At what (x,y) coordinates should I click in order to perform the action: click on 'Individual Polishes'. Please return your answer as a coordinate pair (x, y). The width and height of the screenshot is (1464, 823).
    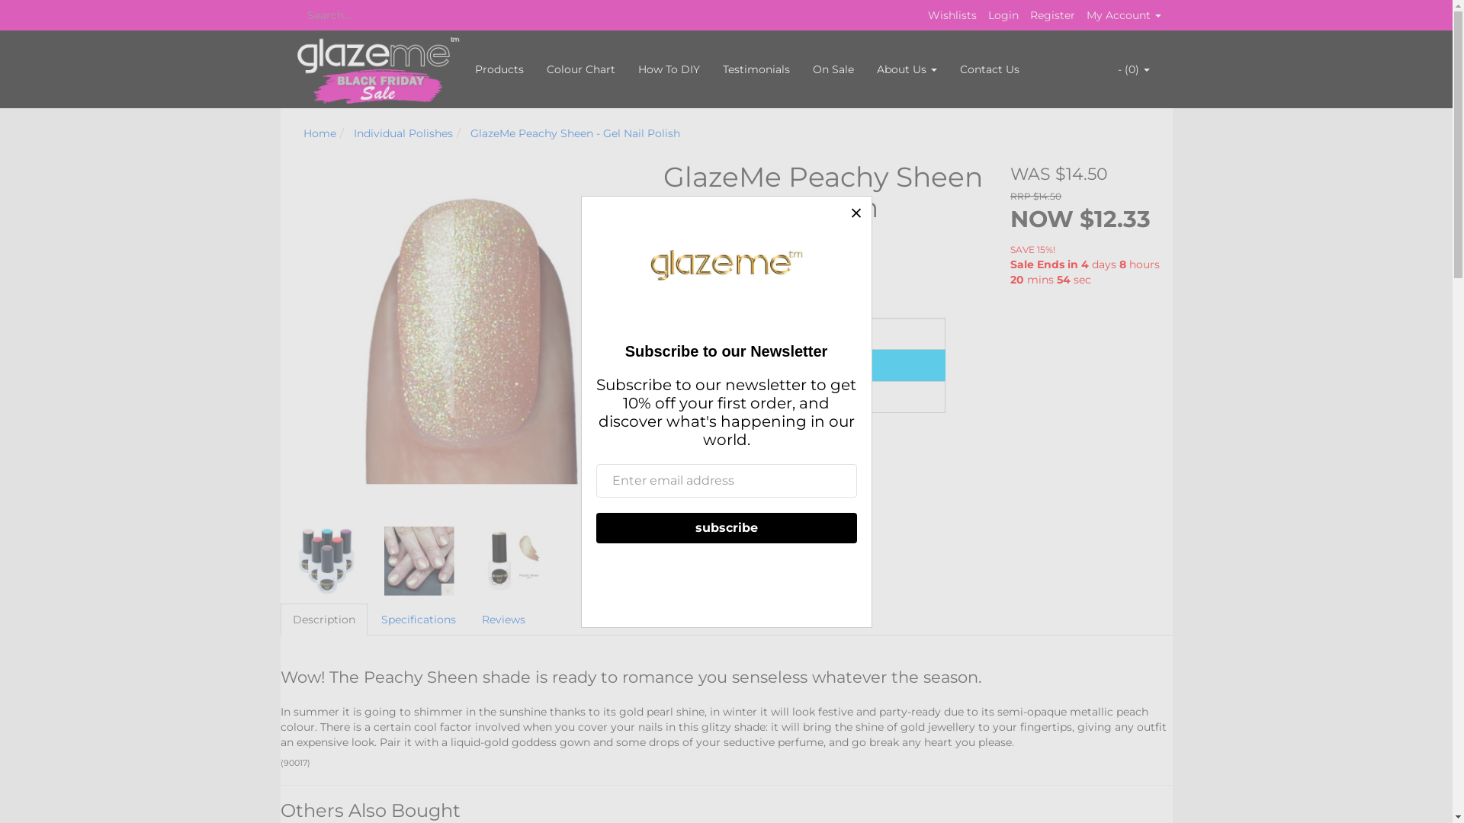
    Looking at the image, I should click on (403, 132).